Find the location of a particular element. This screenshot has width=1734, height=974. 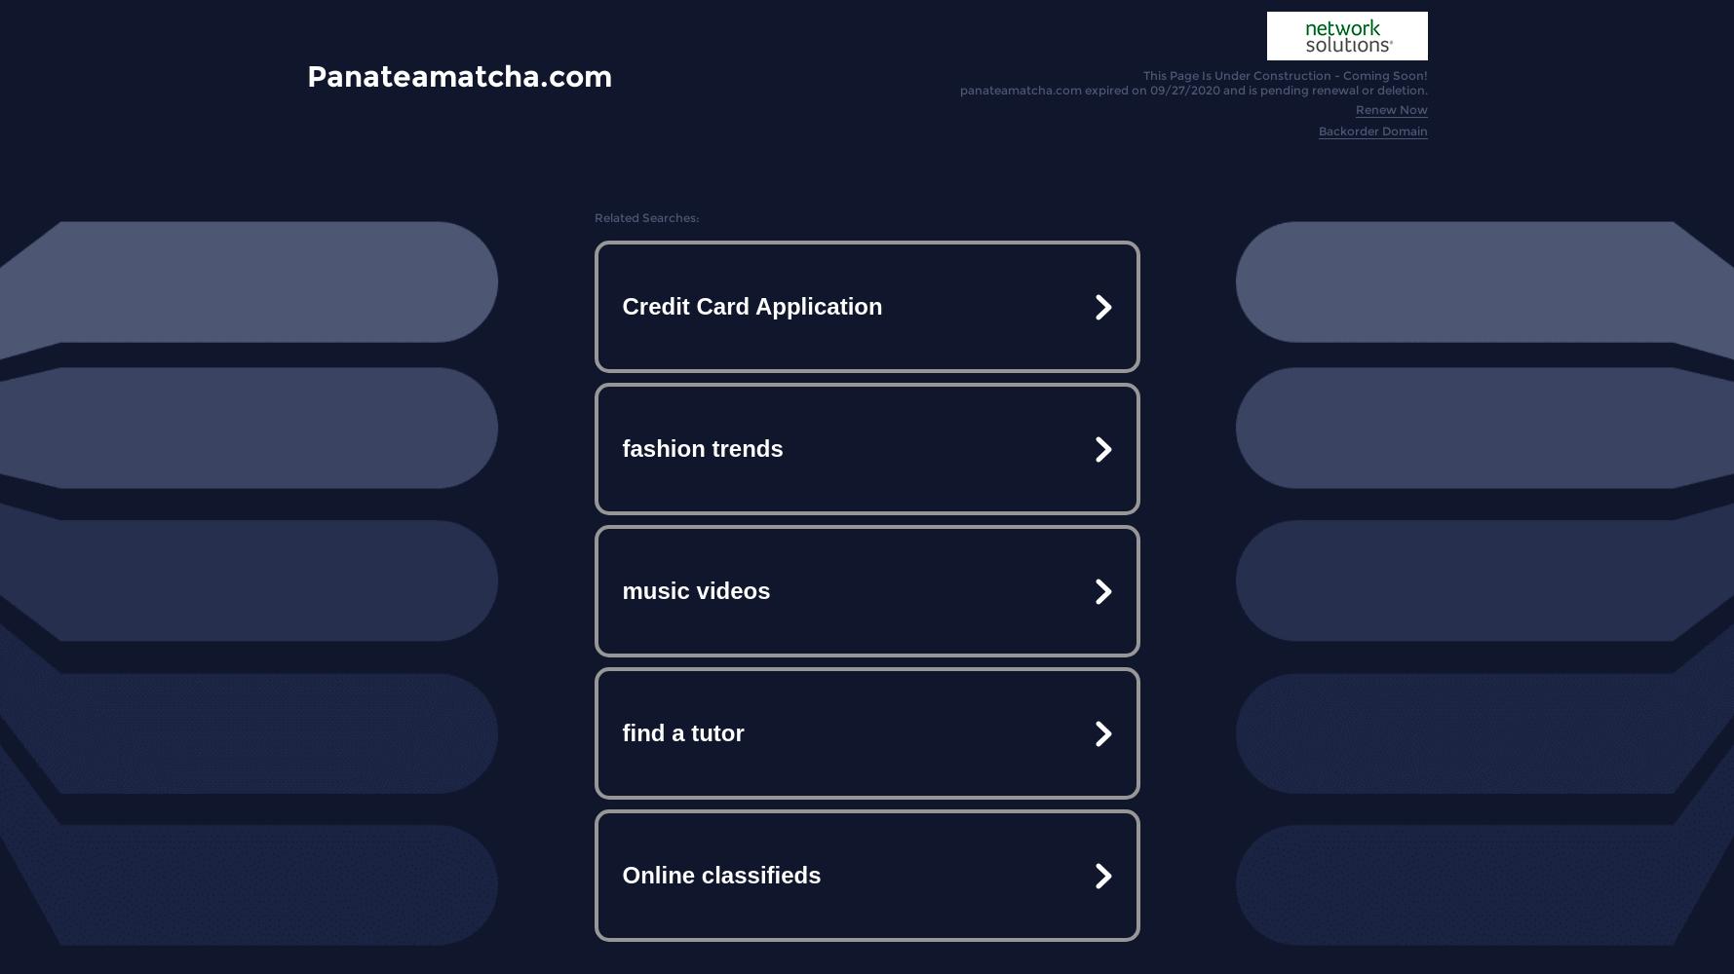

'Related Searches:' is located at coordinates (645, 216).